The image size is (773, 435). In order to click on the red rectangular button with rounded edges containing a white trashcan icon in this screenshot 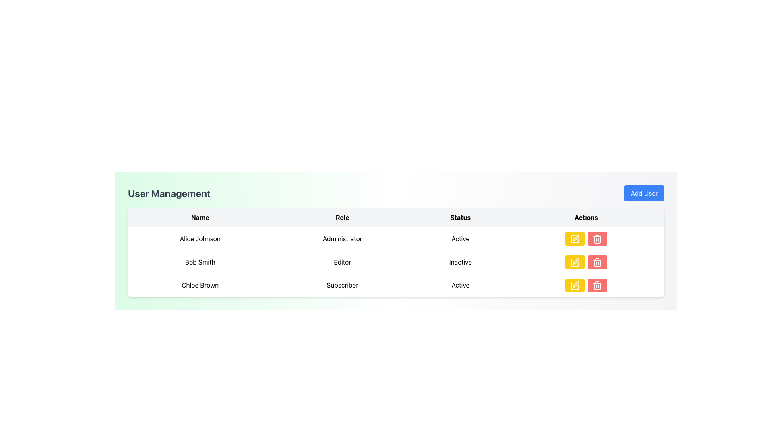, I will do `click(597, 262)`.